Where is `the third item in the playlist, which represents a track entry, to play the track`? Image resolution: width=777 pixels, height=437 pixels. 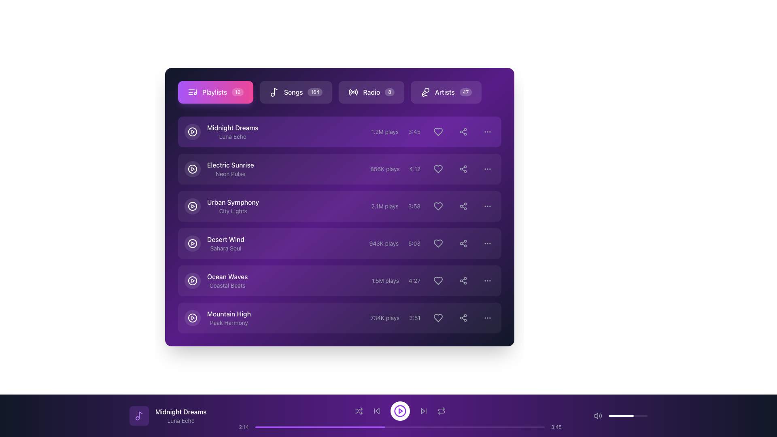 the third item in the playlist, which represents a track entry, to play the track is located at coordinates (340, 206).